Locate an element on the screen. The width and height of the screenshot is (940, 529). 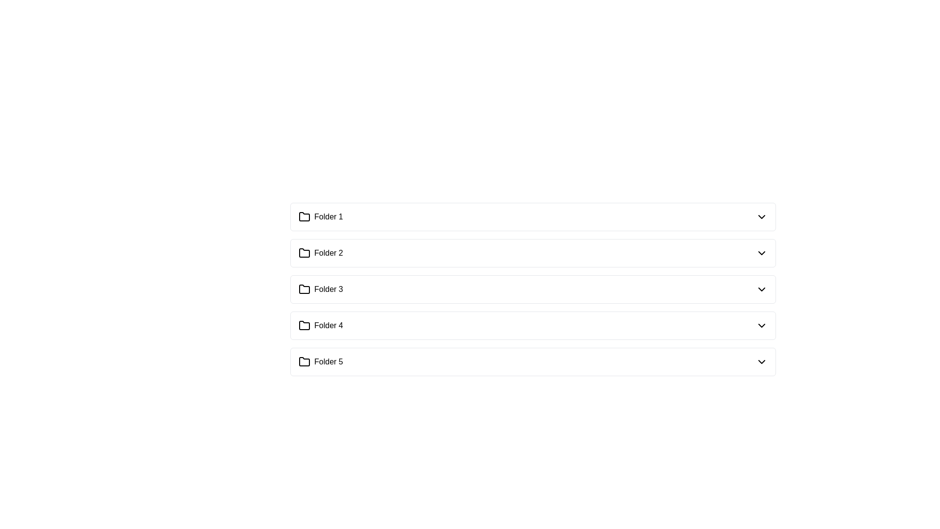
the text label displaying 'Folder 1' is located at coordinates (329, 216).